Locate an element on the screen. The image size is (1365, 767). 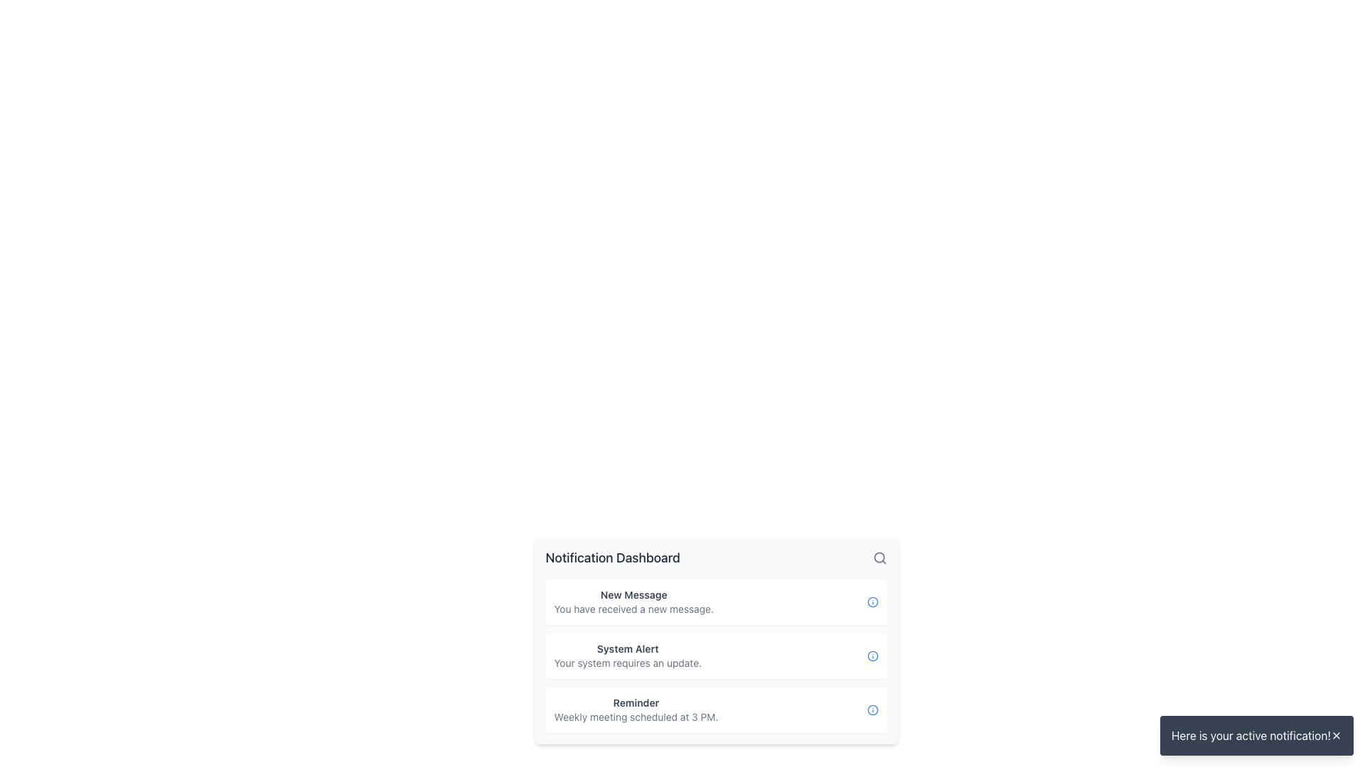
main message content of the Notification Card titled 'New Message' with a white background and rounded corners, located at the top of the notification list is located at coordinates (716, 602).